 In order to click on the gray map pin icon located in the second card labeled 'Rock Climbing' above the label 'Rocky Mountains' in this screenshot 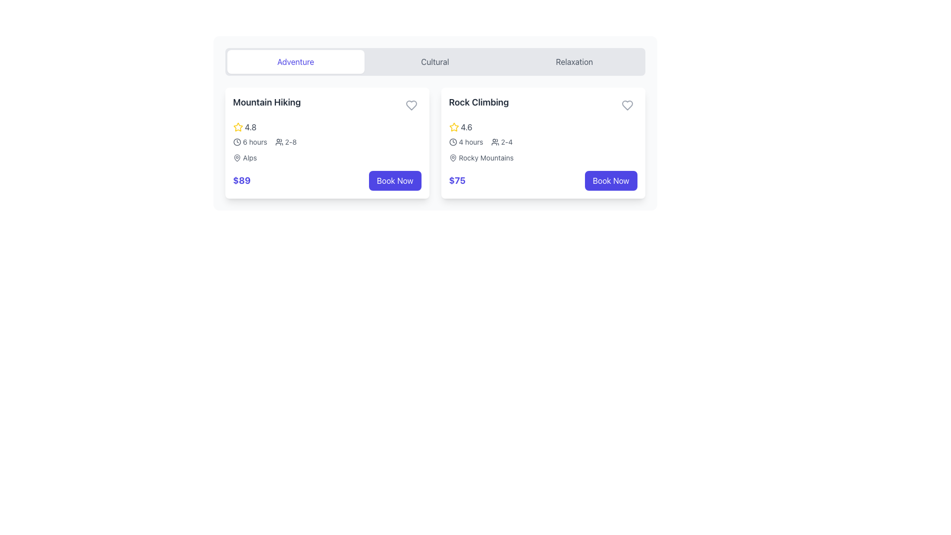, I will do `click(452, 158)`.